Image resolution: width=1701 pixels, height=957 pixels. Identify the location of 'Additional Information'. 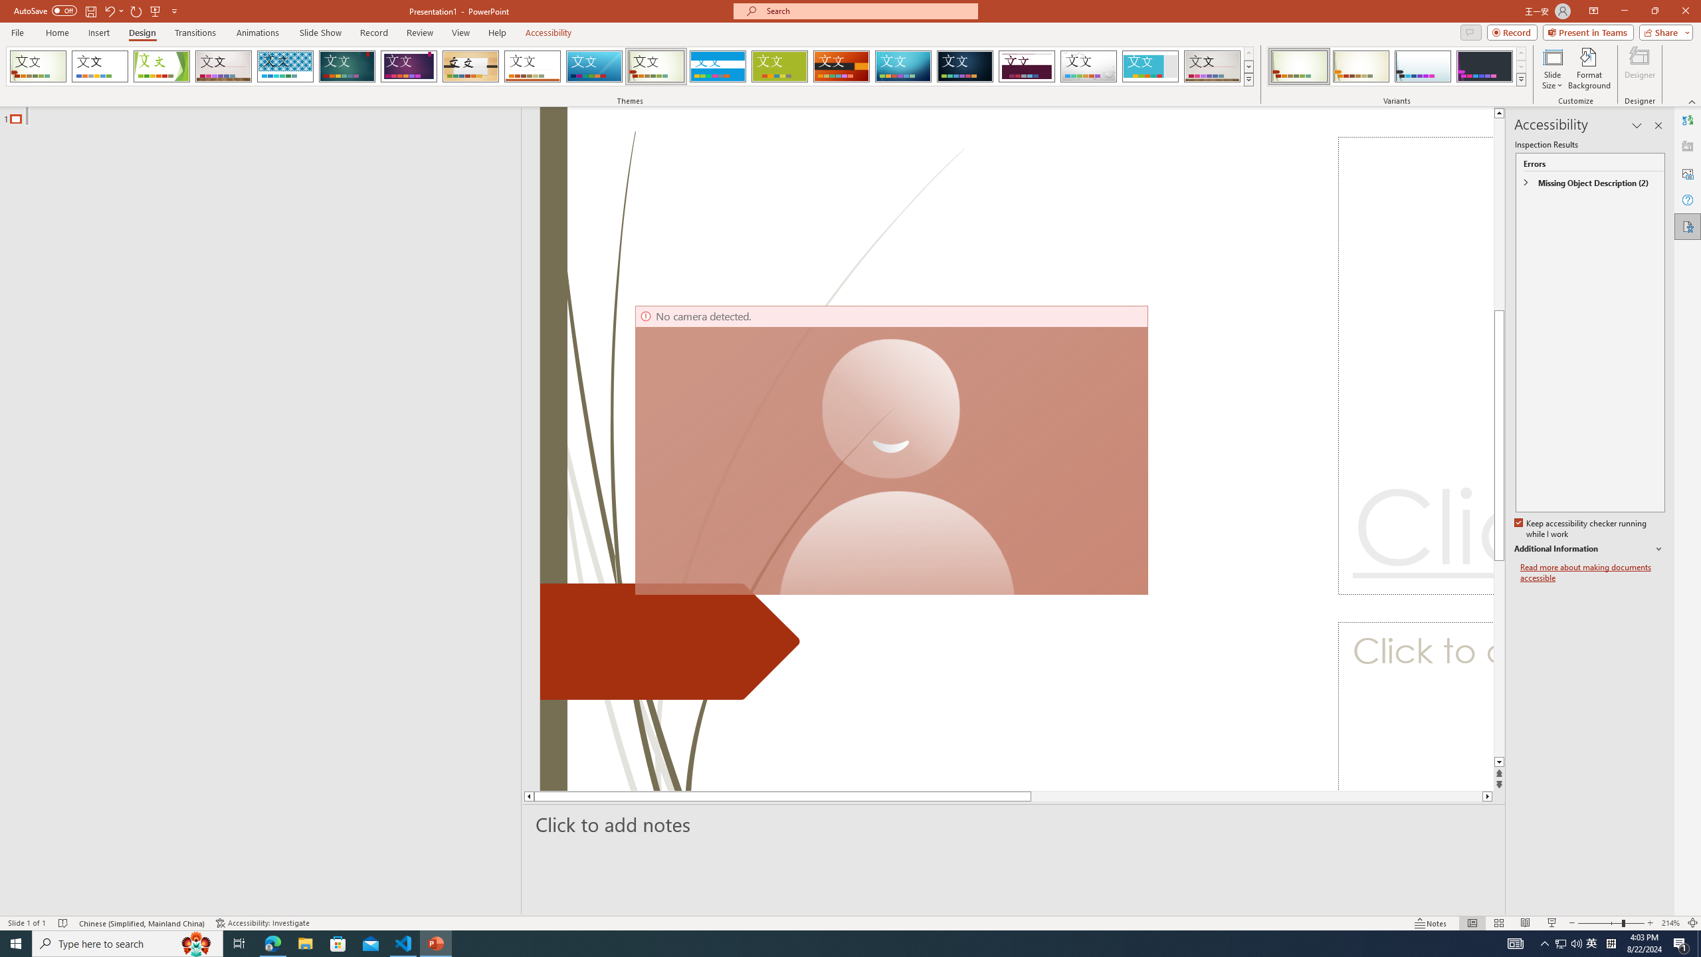
(1589, 549).